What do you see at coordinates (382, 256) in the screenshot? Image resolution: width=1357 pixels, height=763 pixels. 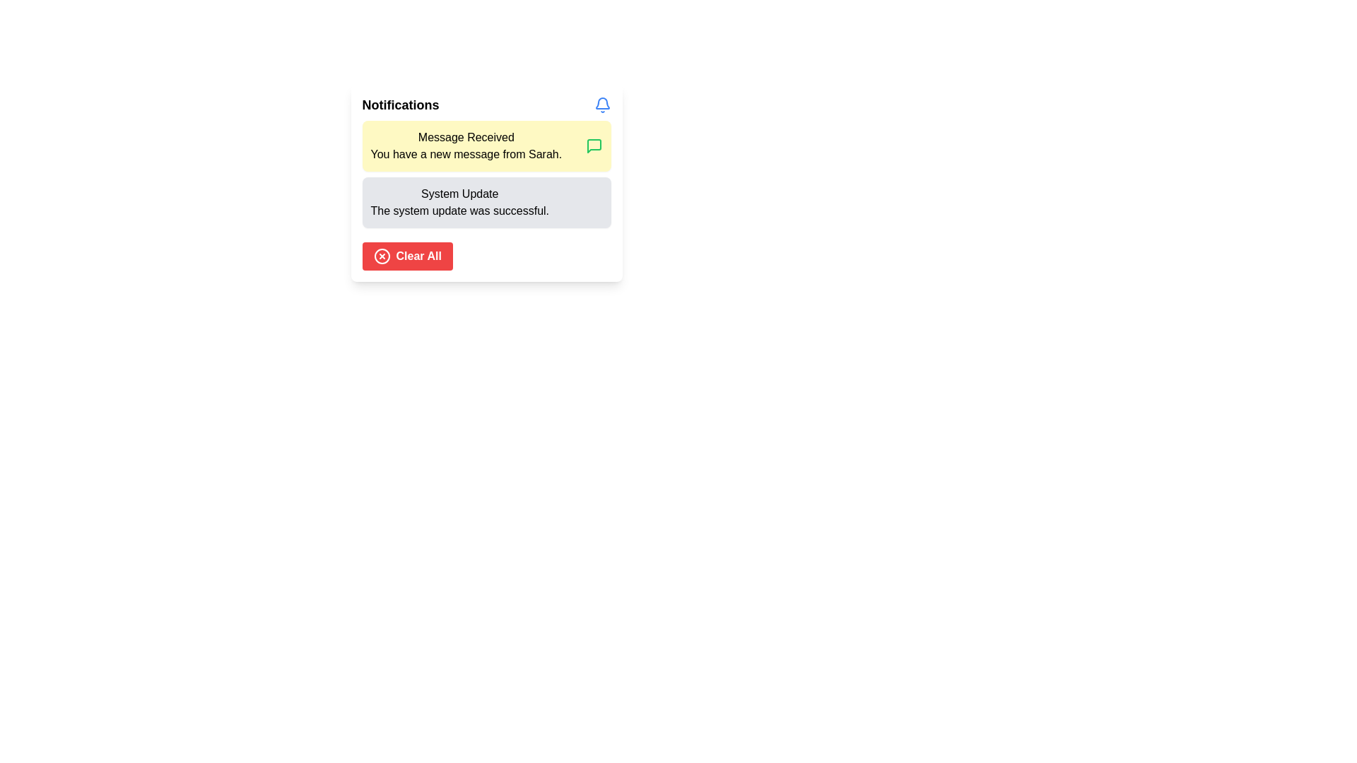 I see `the icon located to the left of the 'Clear All' button in the notification panel, which signifies the functionality of clearing all notifications` at bounding box center [382, 256].